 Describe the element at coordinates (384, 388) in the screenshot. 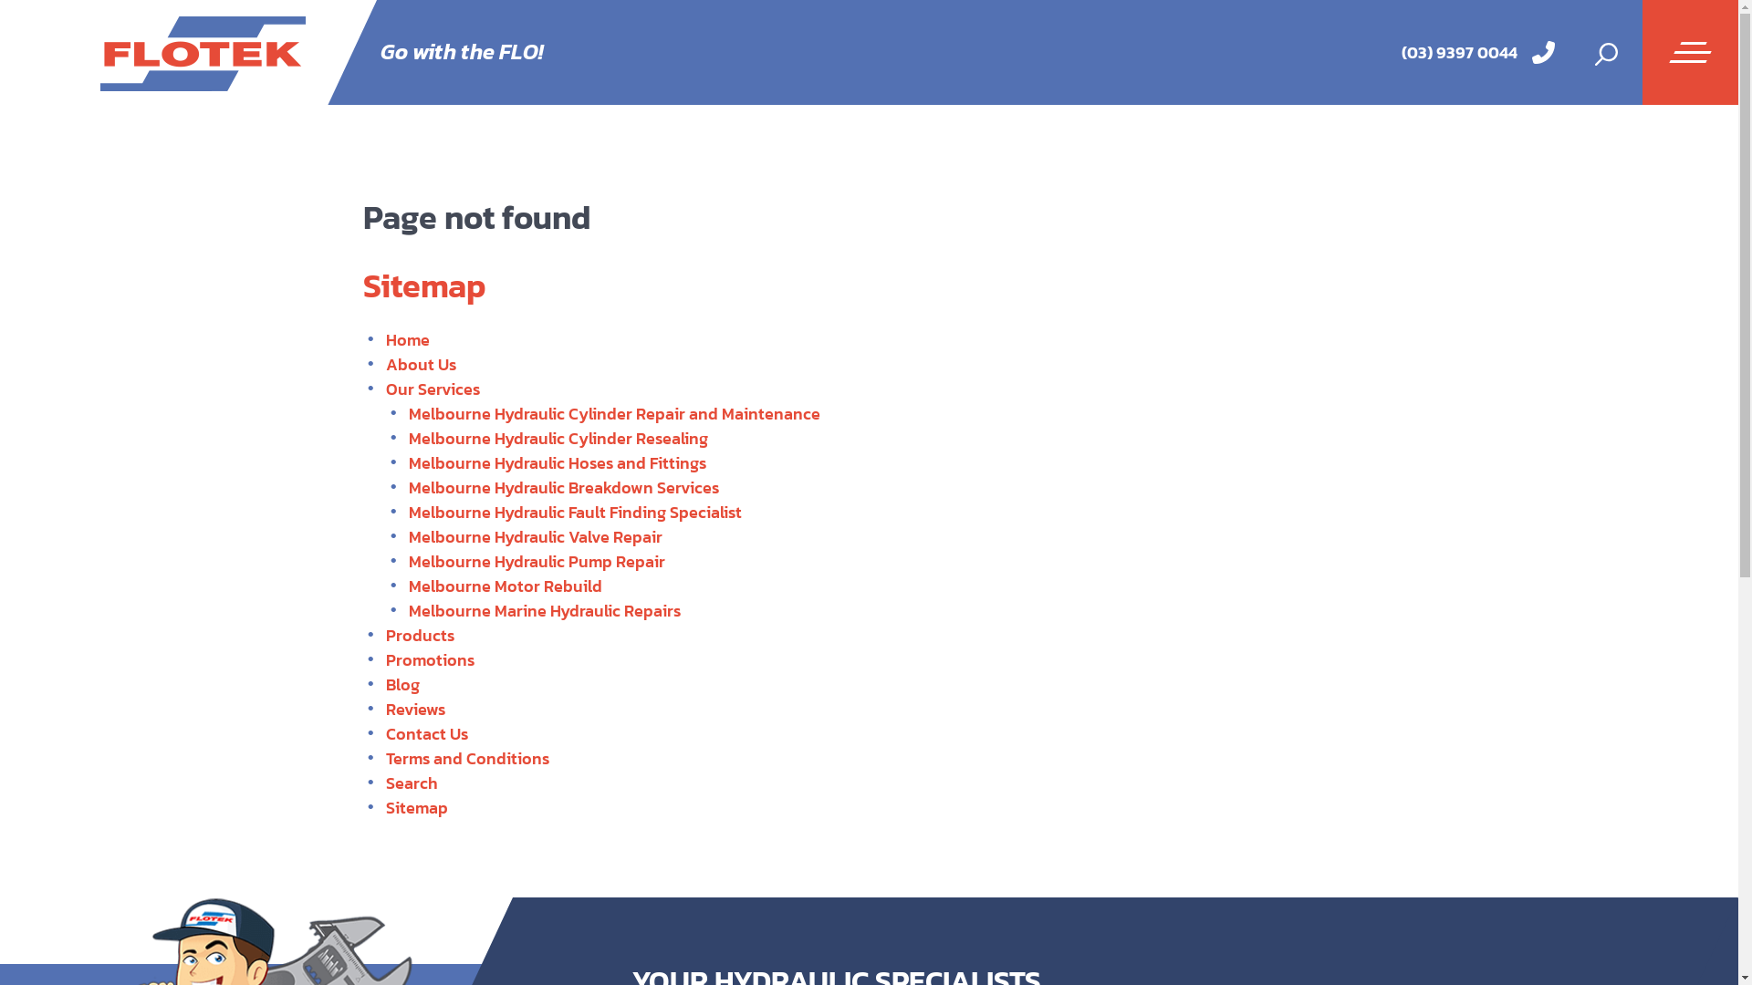

I see `'Our Services'` at that location.